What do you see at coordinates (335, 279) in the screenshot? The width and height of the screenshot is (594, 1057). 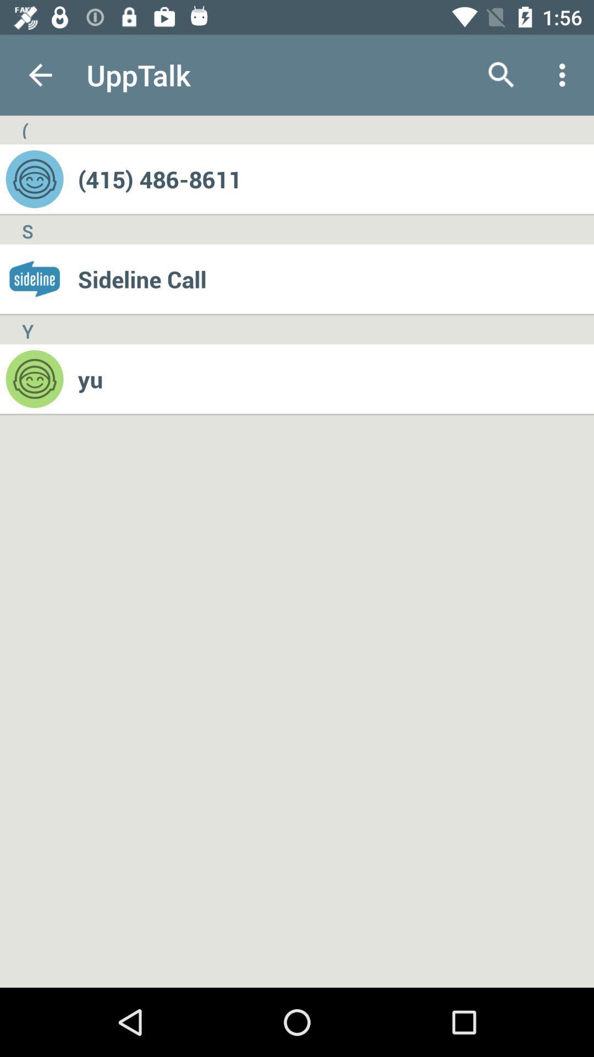 I see `the icon below the (415) 486-8611` at bounding box center [335, 279].